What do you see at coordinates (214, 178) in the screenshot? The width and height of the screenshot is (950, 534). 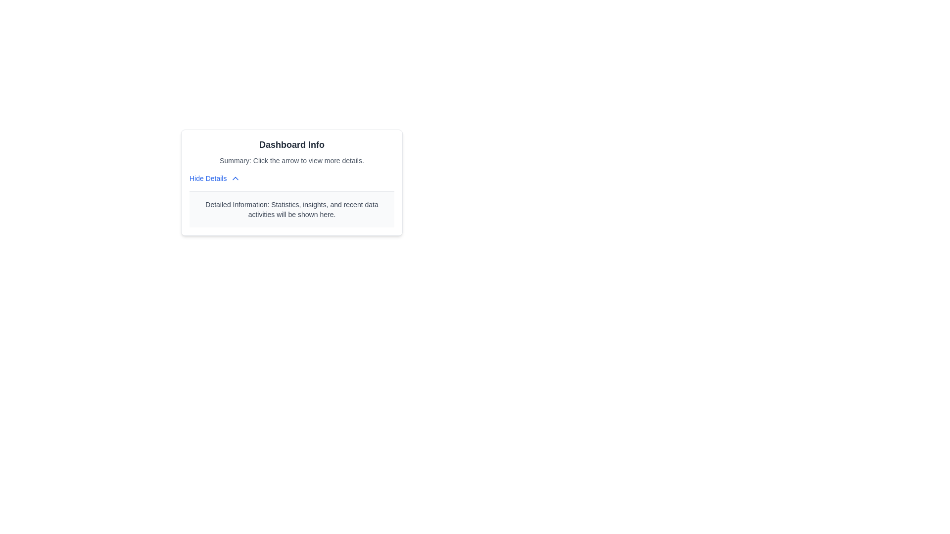 I see `the 'Hide Details' text button with an upward-pointing chevron icon to hide details` at bounding box center [214, 178].